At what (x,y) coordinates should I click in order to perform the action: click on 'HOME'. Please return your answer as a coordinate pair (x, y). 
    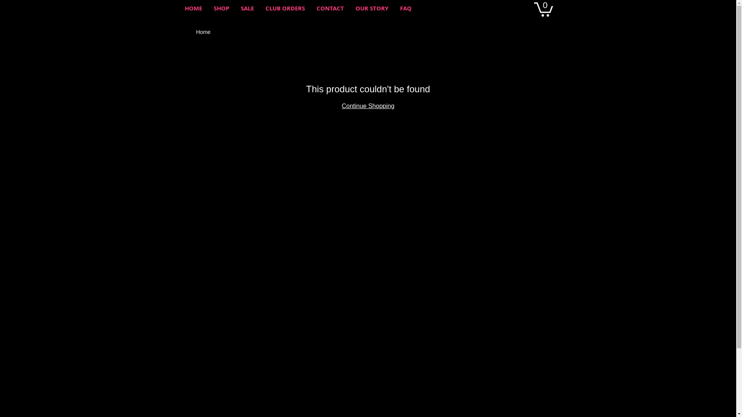
    Looking at the image, I should click on (193, 8).